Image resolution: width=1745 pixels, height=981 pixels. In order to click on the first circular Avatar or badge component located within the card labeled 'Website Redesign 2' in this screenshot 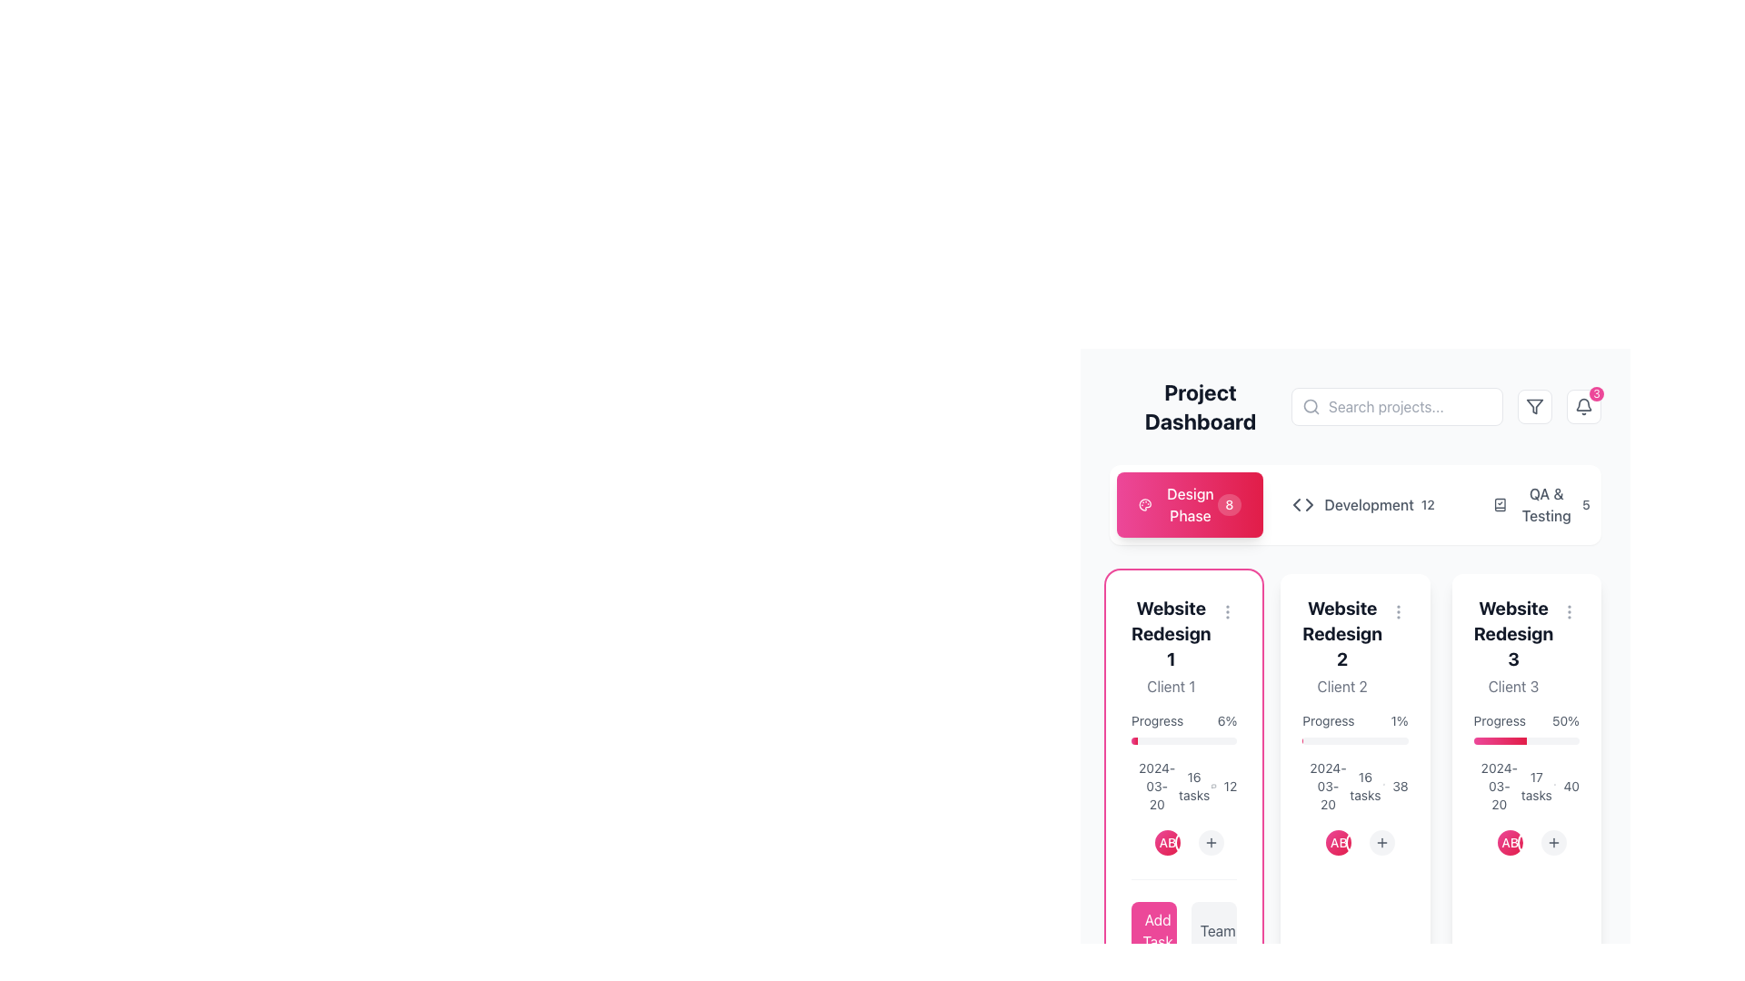, I will do `click(1317, 843)`.